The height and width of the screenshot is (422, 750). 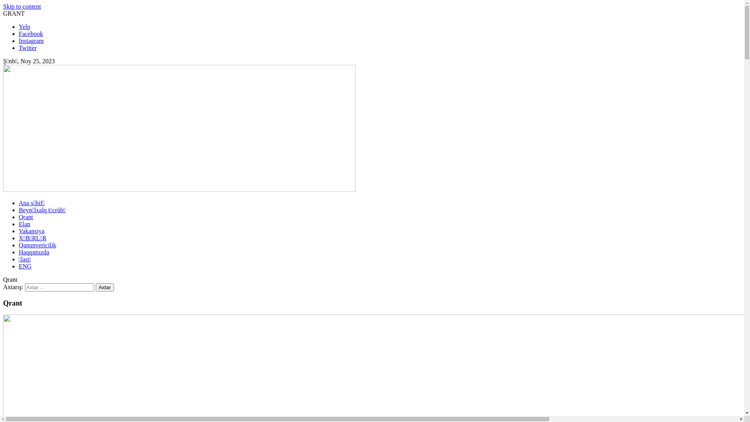 I want to click on 'Facebook', so click(x=19, y=33).